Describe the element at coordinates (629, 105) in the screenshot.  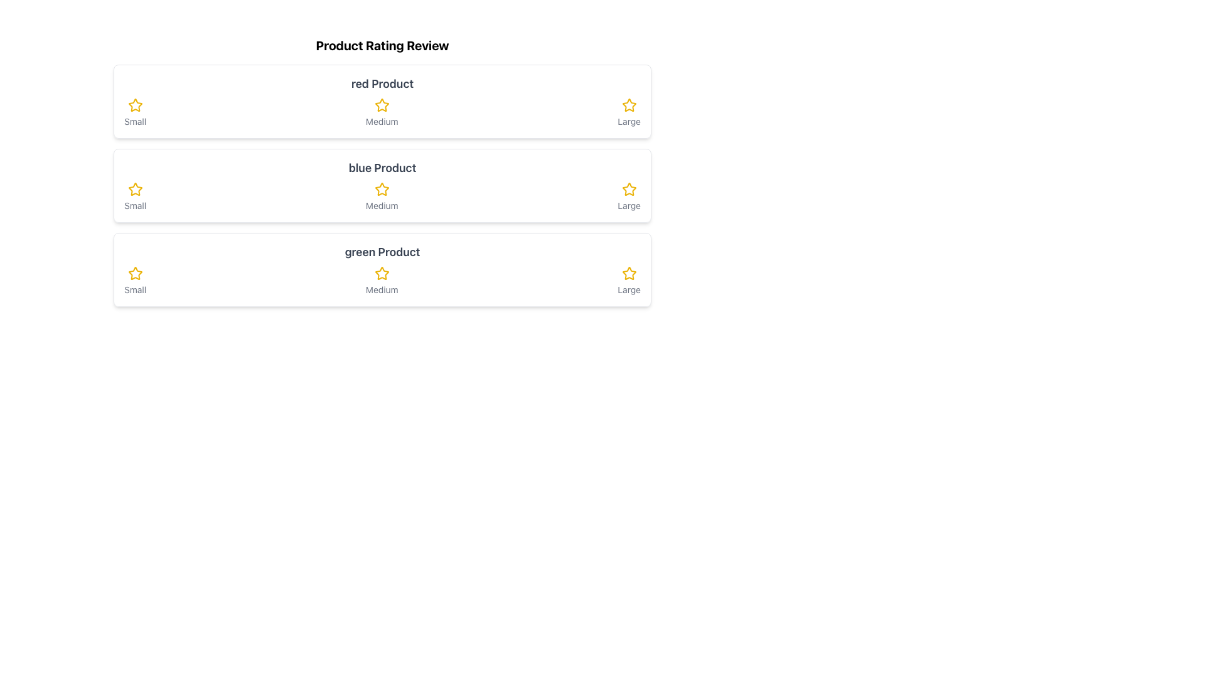
I see `the third star icon in the product rating section that represents the 'Large' size, located to the right of the 'red Product' title` at that location.